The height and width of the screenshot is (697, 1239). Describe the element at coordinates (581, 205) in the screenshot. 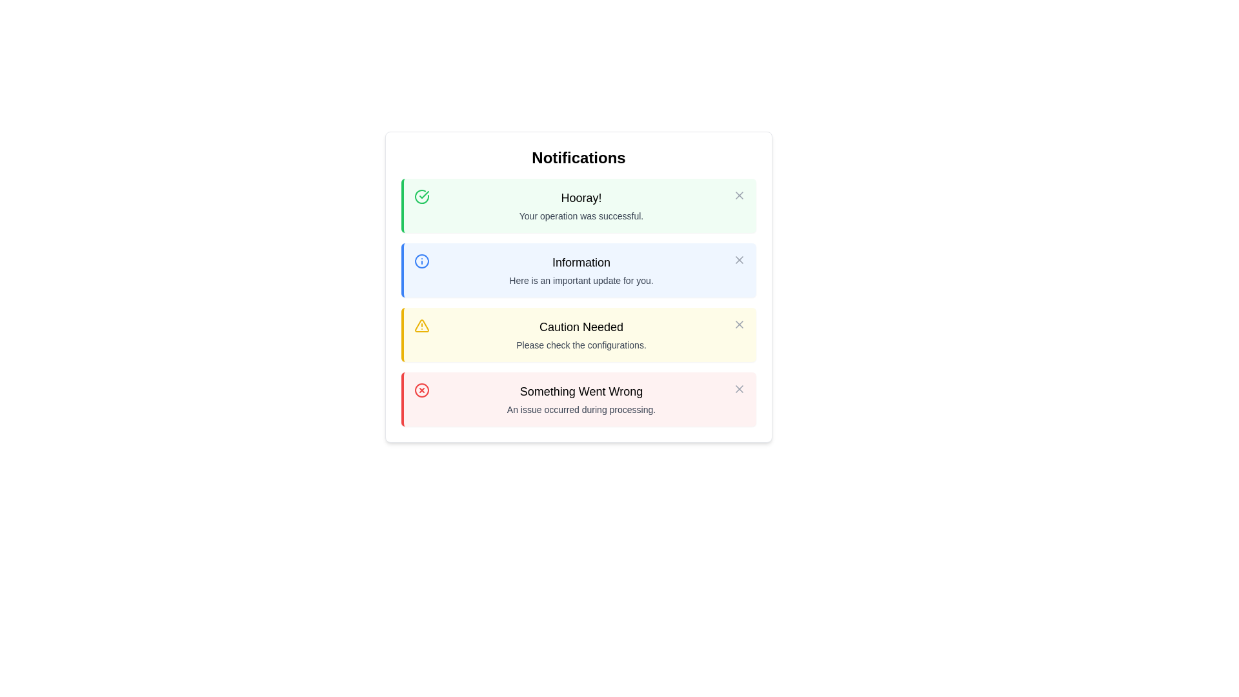

I see `the text display area that shows 'Hooray!' in bold green font and 'Your operation was successful.' in a smaller font, located at the top of a green notification card in a popup modal` at that location.